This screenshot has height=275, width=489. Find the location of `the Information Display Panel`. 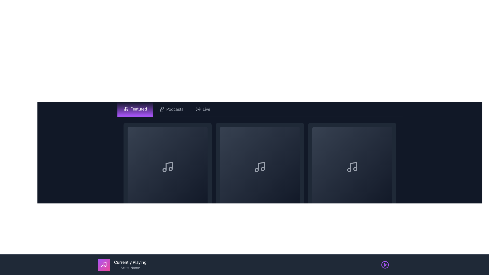

the Information Display Panel is located at coordinates (122, 265).